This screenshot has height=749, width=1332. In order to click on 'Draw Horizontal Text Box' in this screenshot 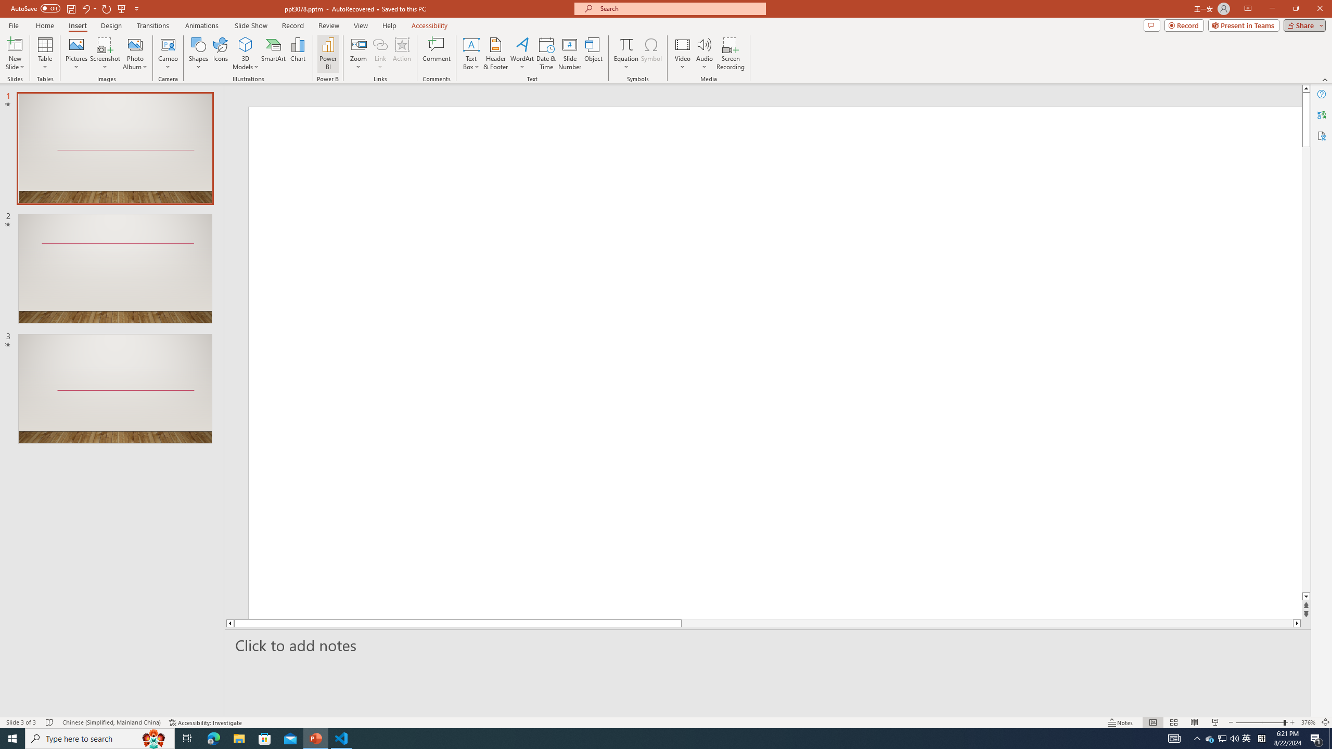, I will do `click(471, 44)`.